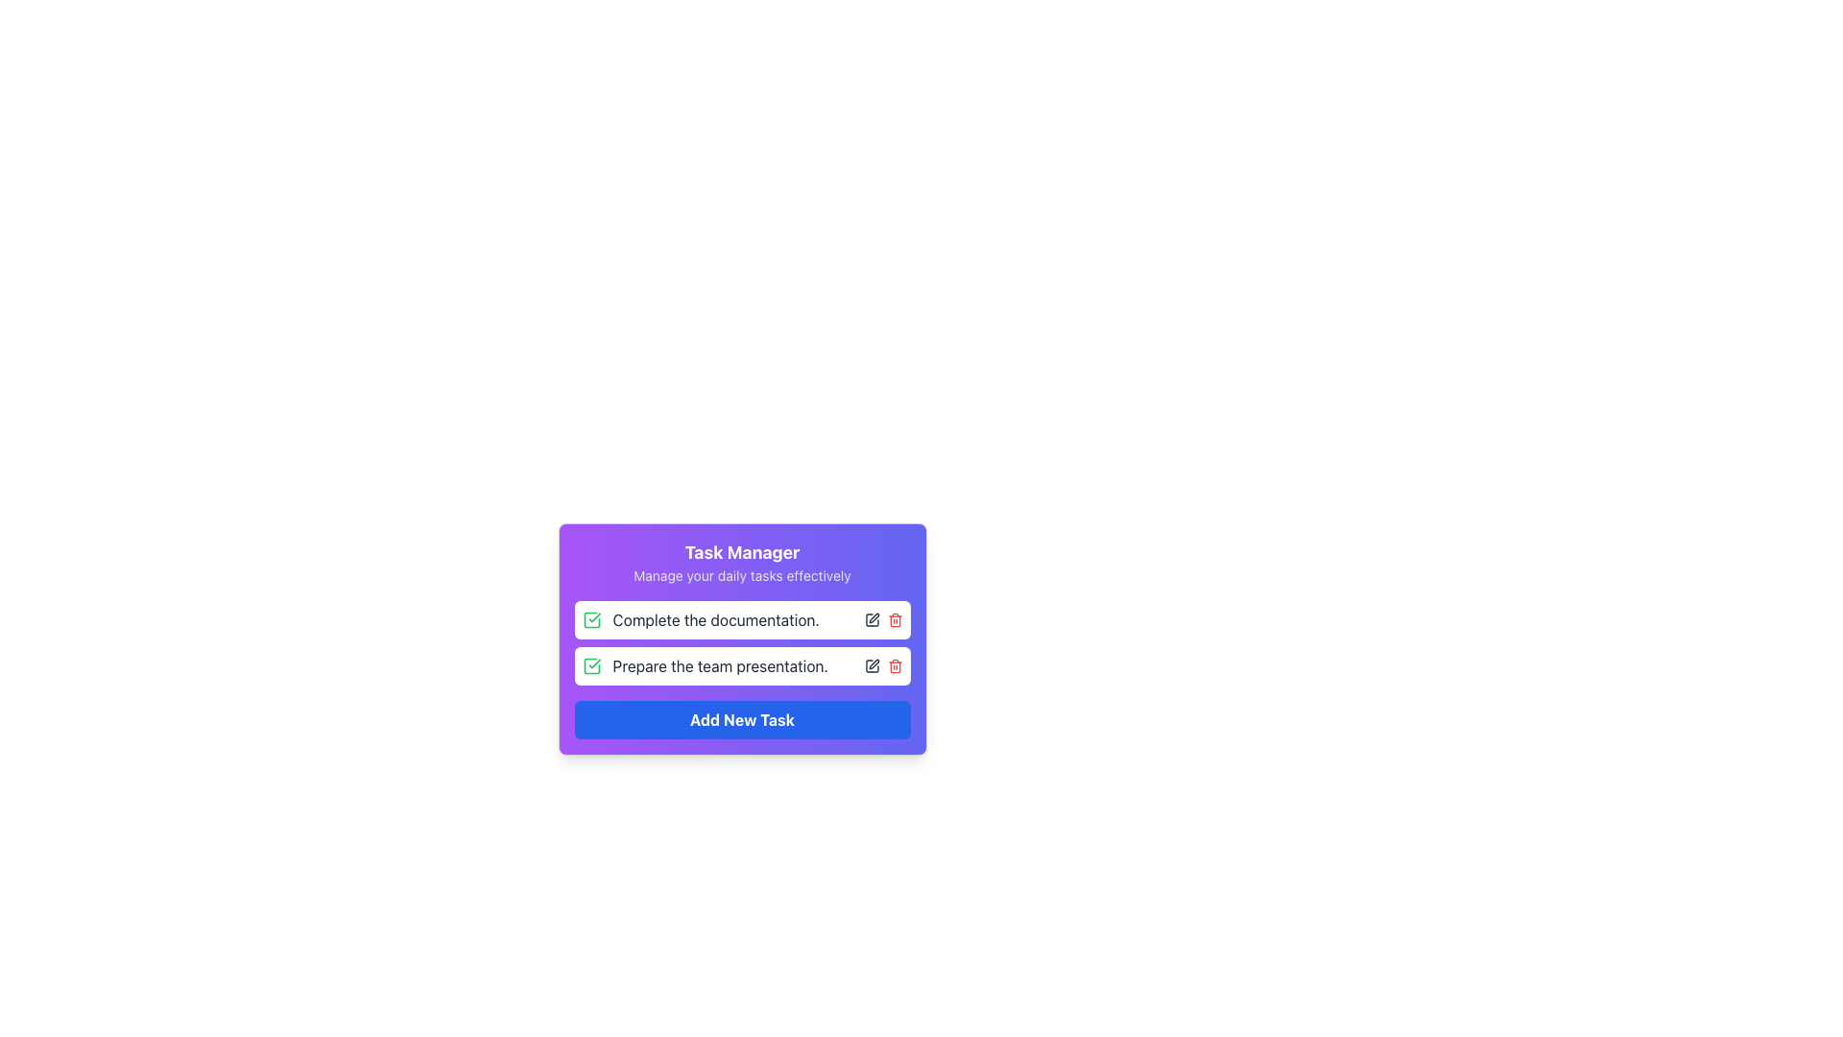 The height and width of the screenshot is (1037, 1843). I want to click on the edit icon button located to the right of the task label, so click(873, 663).